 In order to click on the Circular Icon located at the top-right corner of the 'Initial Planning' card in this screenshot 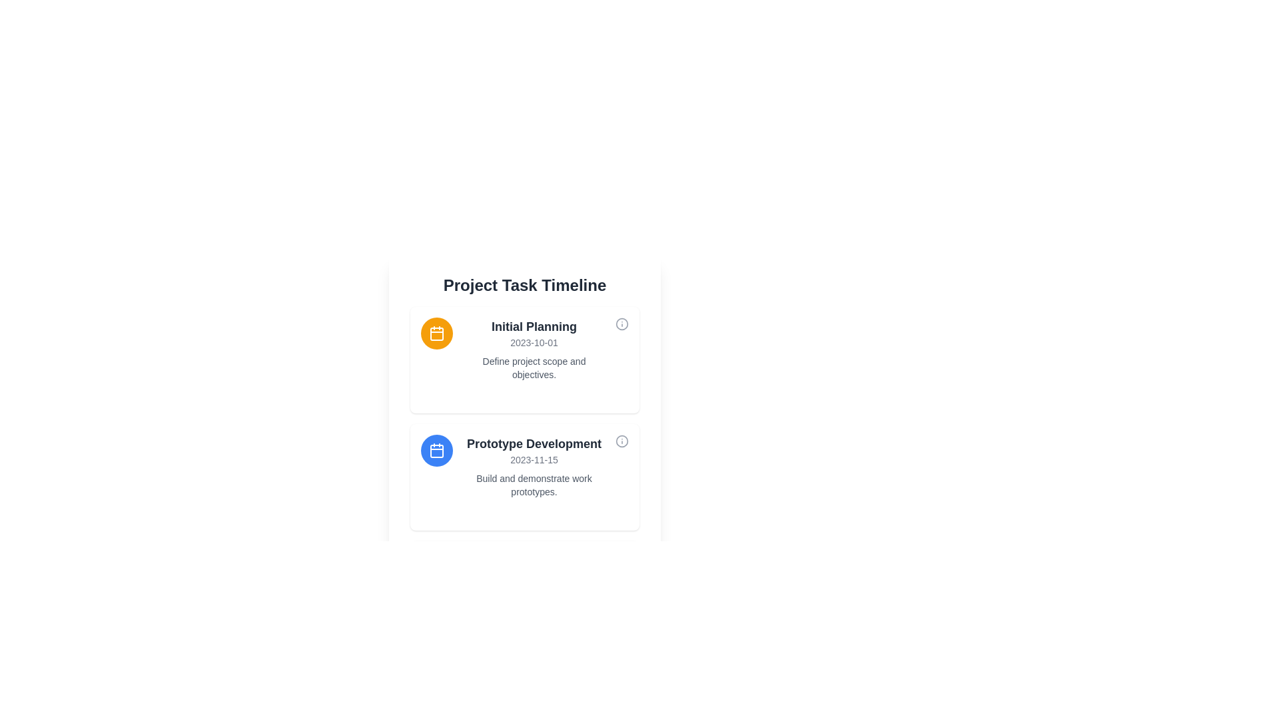, I will do `click(622, 326)`.